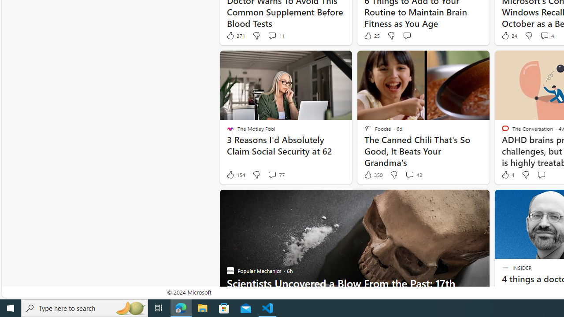  I want to click on '271 Like', so click(235, 35).